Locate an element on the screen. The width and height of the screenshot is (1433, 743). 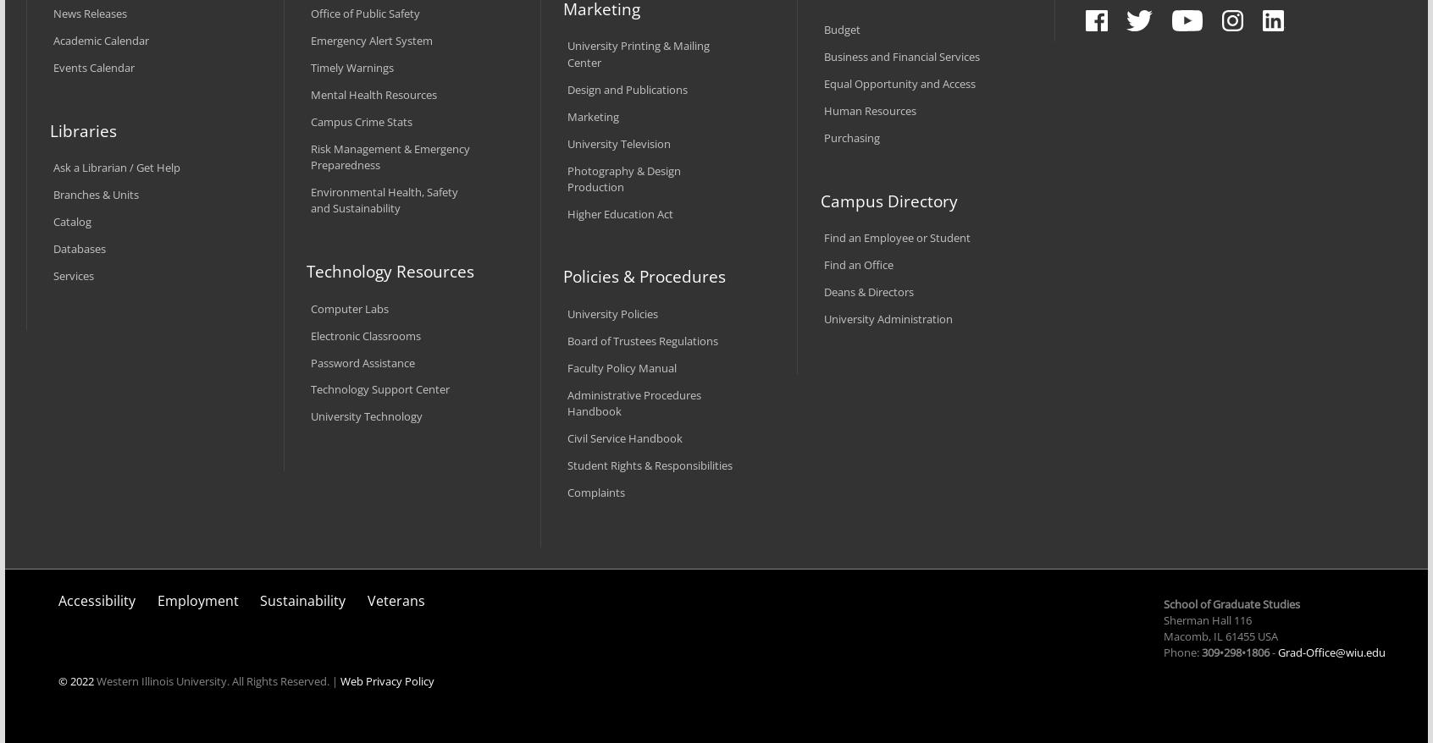
'Databases' is located at coordinates (80, 248).